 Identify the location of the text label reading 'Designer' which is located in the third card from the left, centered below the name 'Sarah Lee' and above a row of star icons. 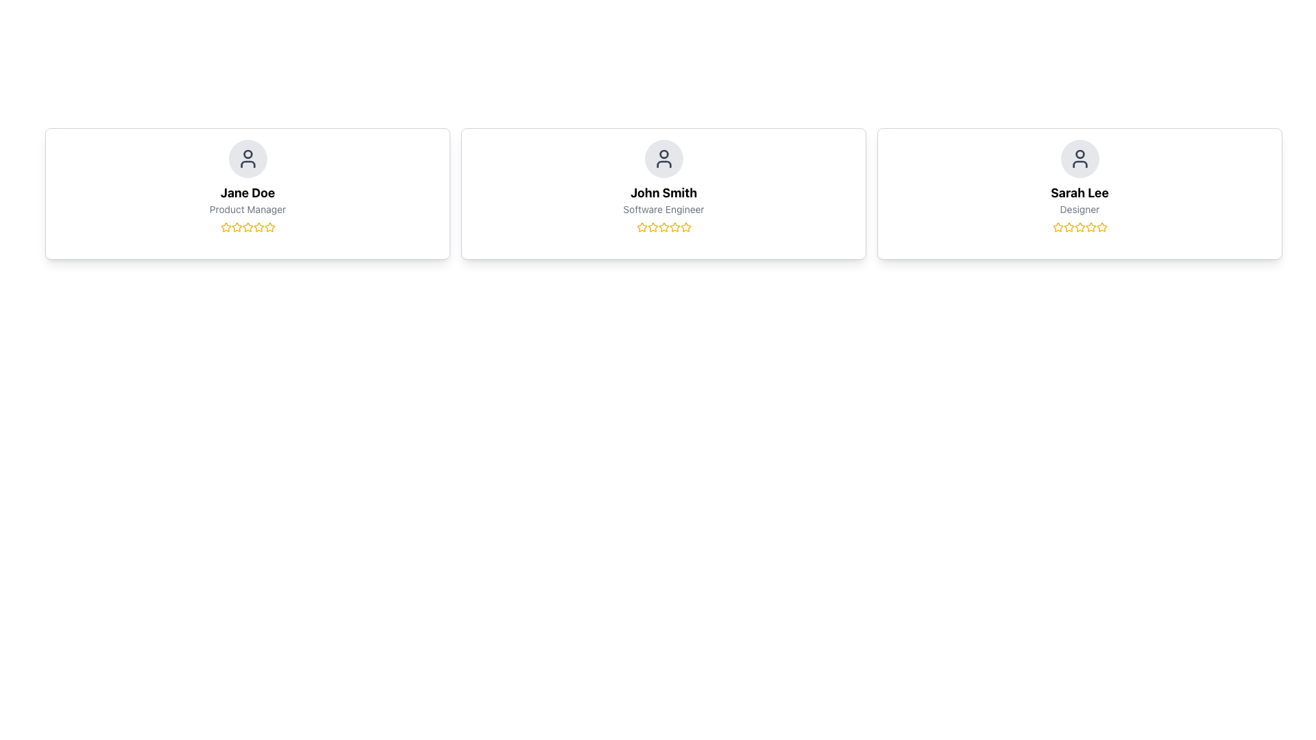
(1079, 209).